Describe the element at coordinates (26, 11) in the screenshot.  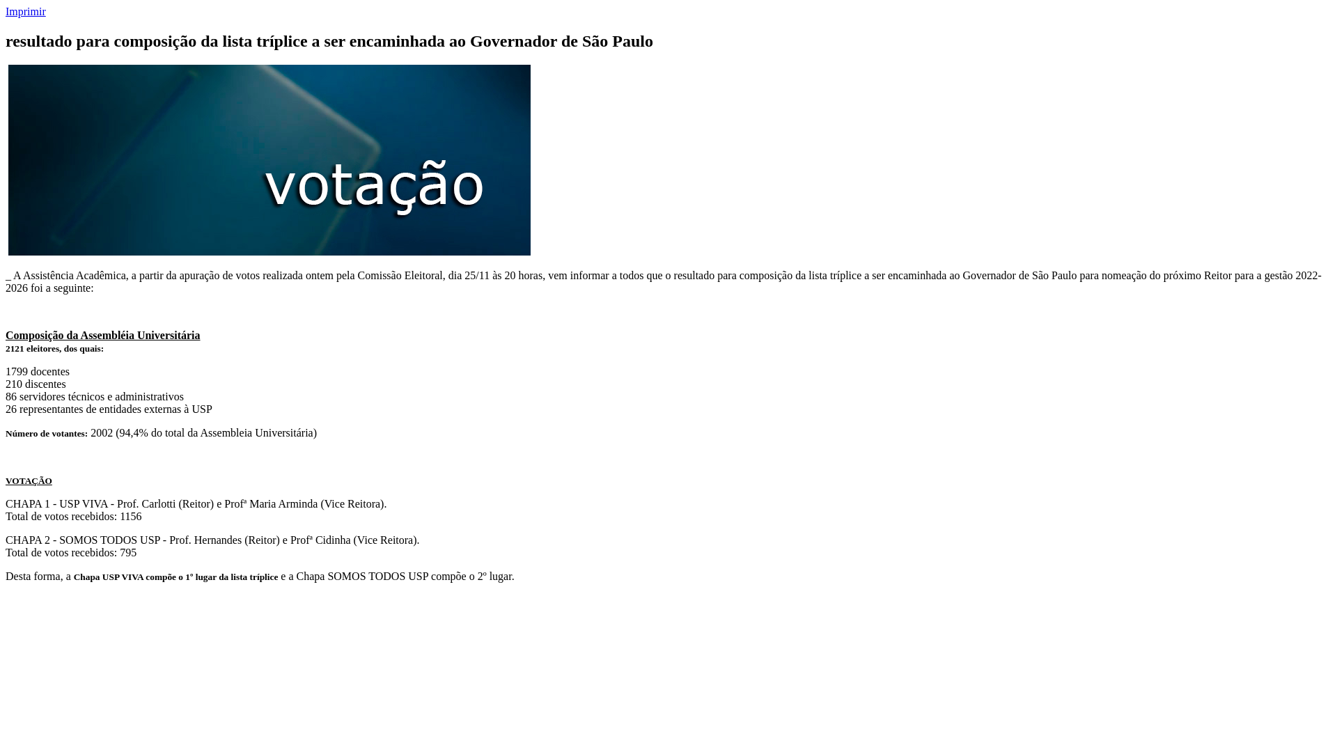
I see `'Imprimir'` at that location.